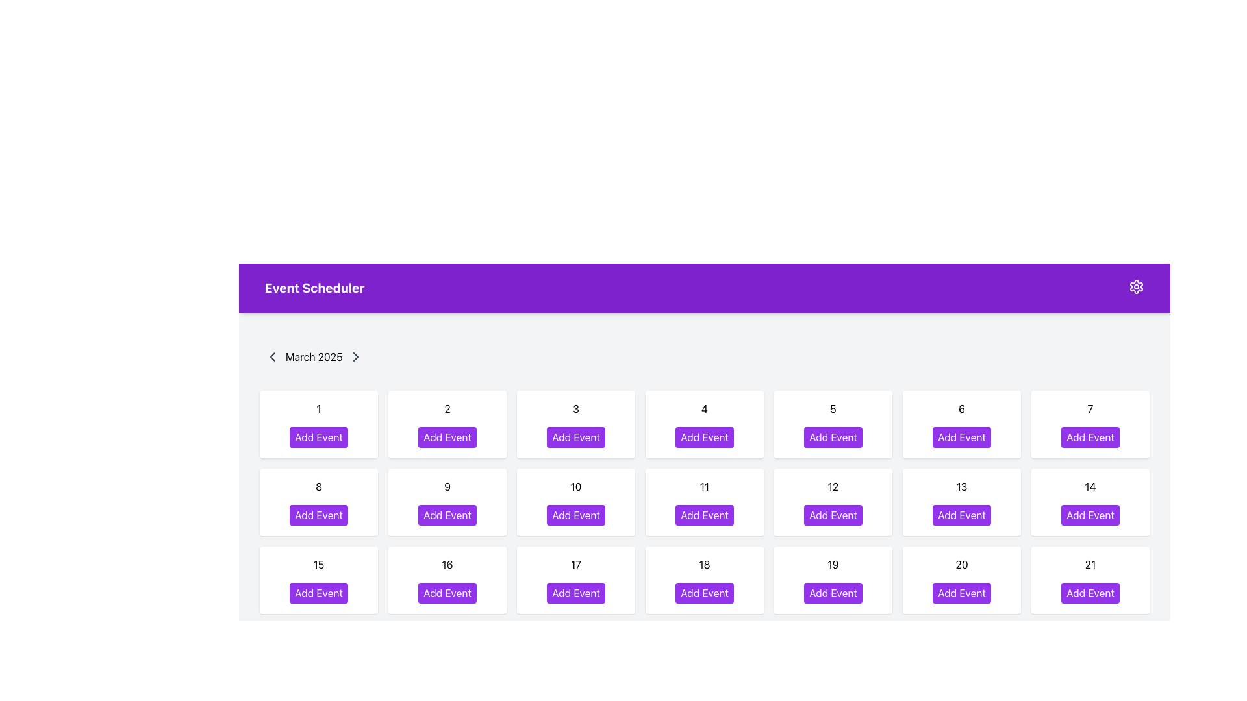  I want to click on the calendar cell element for the date '10', which is a white rounded rectangle with a purple button labeled 'Add Event' at the bottom, so click(575, 502).